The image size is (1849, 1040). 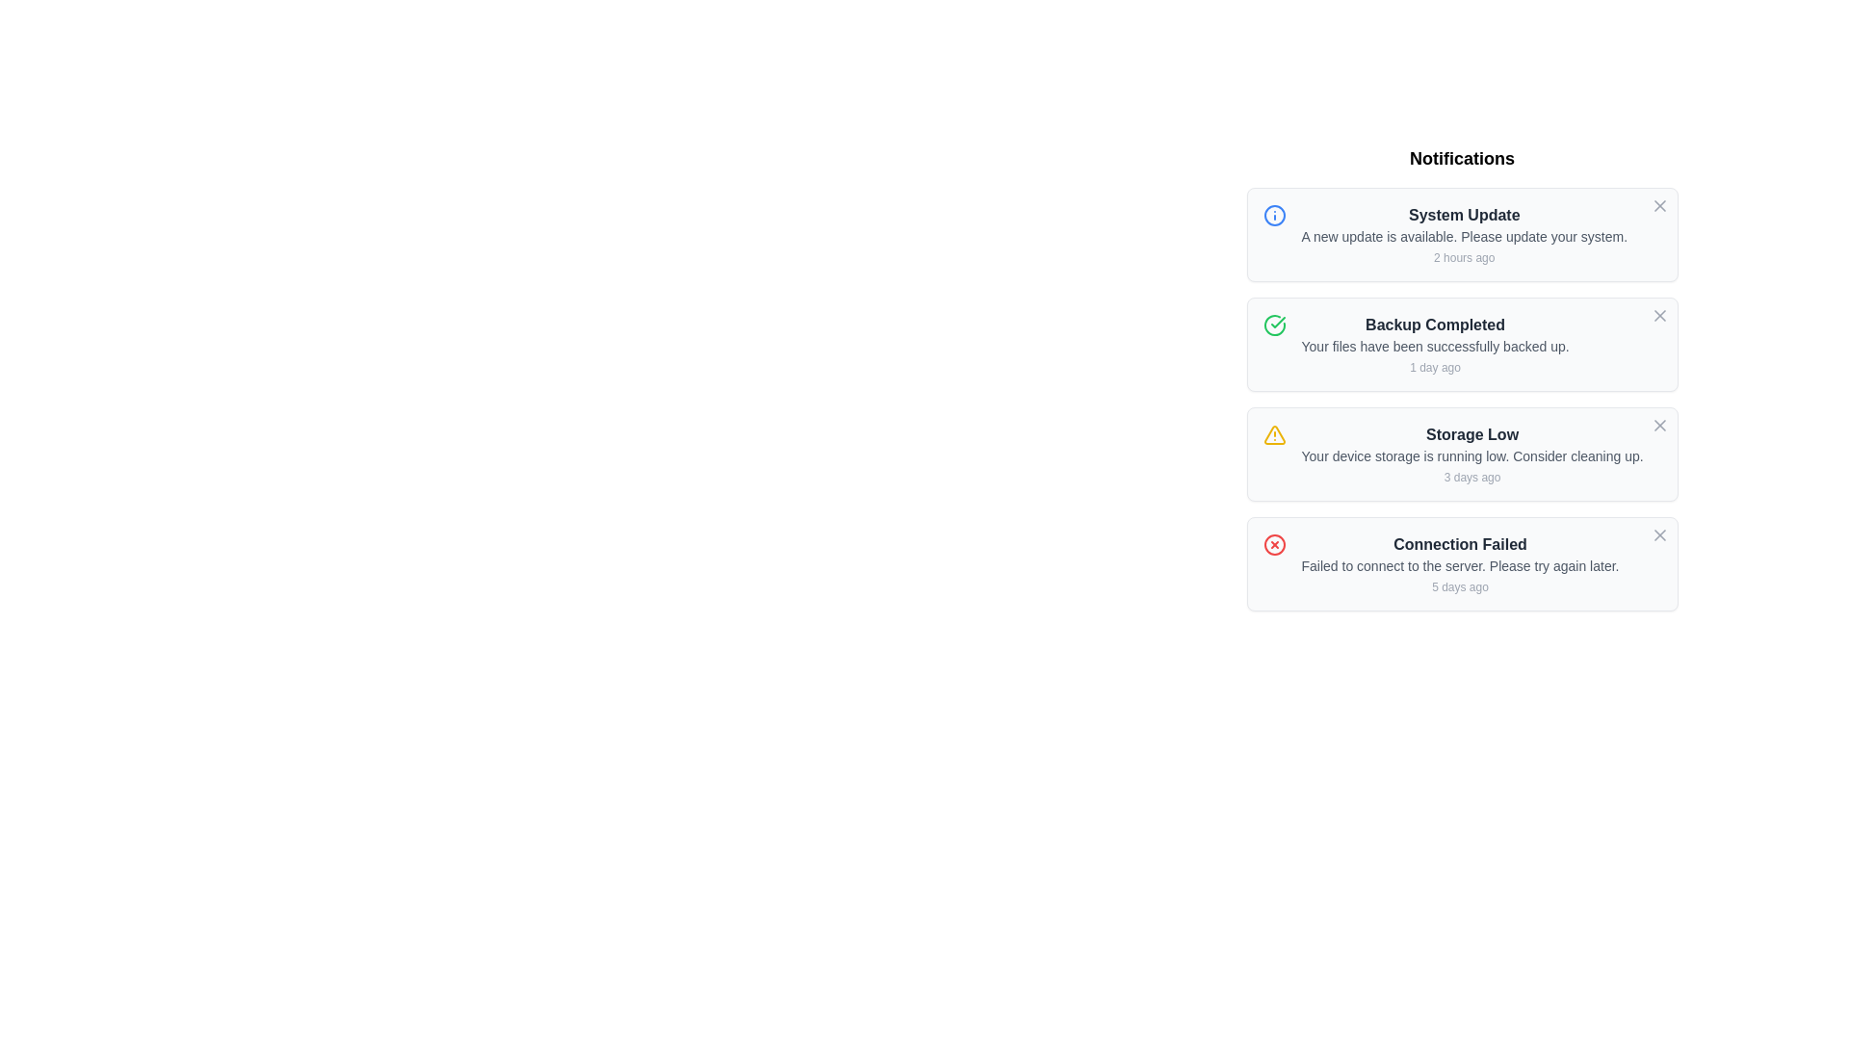 What do you see at coordinates (1435, 325) in the screenshot?
I see `the text label that says 'Backup Completed', which is prominently displayed in the notification panel as the header text of the second notification` at bounding box center [1435, 325].